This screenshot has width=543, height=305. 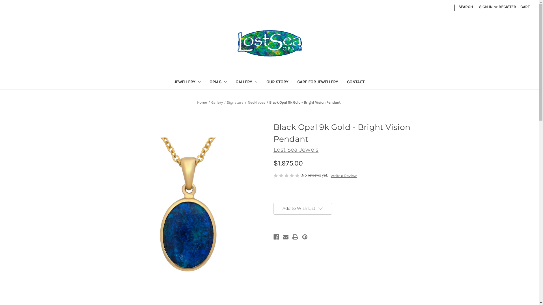 I want to click on 'Gallery', so click(x=211, y=102).